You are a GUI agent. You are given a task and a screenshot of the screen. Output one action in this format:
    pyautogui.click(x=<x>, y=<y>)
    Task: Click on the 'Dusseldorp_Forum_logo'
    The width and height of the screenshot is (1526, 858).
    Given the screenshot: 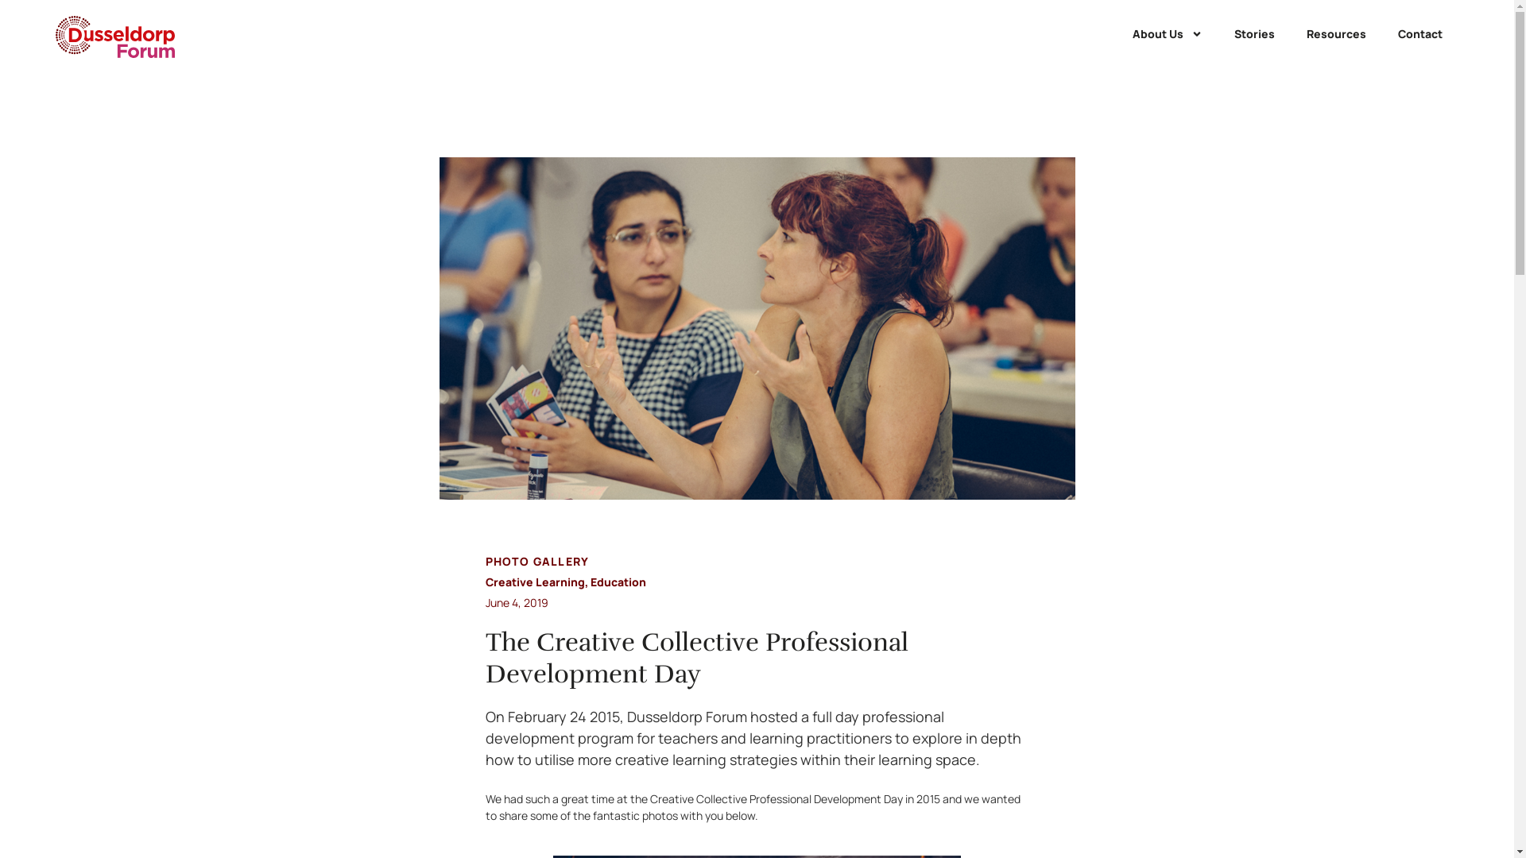 What is the action you would take?
    pyautogui.click(x=114, y=36)
    